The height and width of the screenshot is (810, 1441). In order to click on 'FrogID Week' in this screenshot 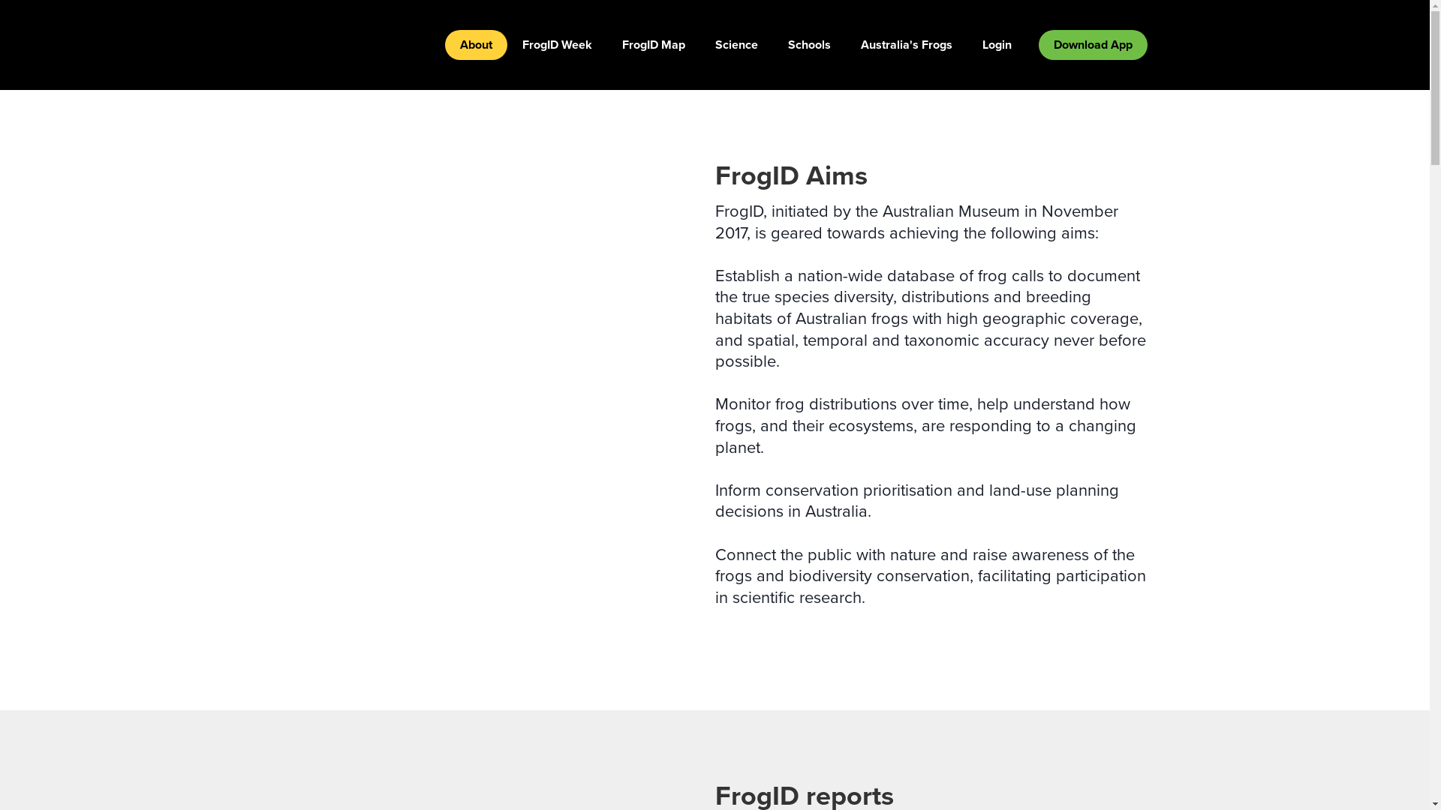, I will do `click(556, 44)`.